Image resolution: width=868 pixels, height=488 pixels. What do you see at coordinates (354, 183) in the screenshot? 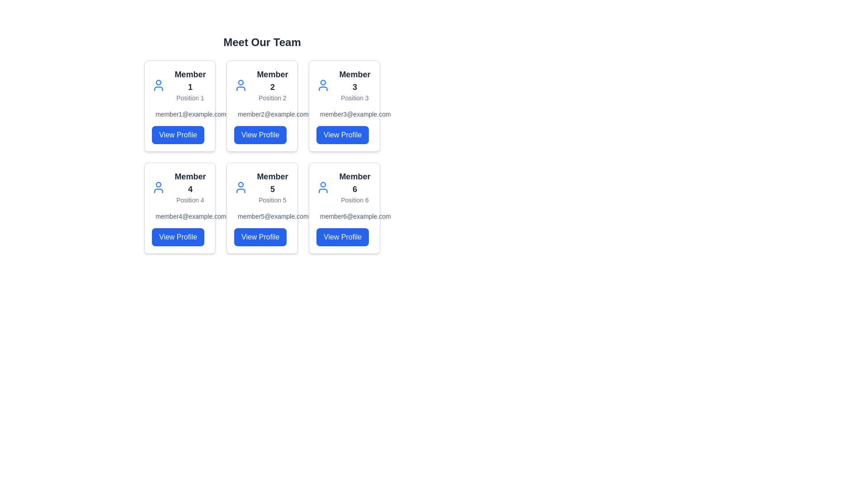
I see `the text label 'Member 6' which is styled in bold, dark gray color and is positioned at the top of the card layout in the second row, third column of the grid` at bounding box center [354, 183].